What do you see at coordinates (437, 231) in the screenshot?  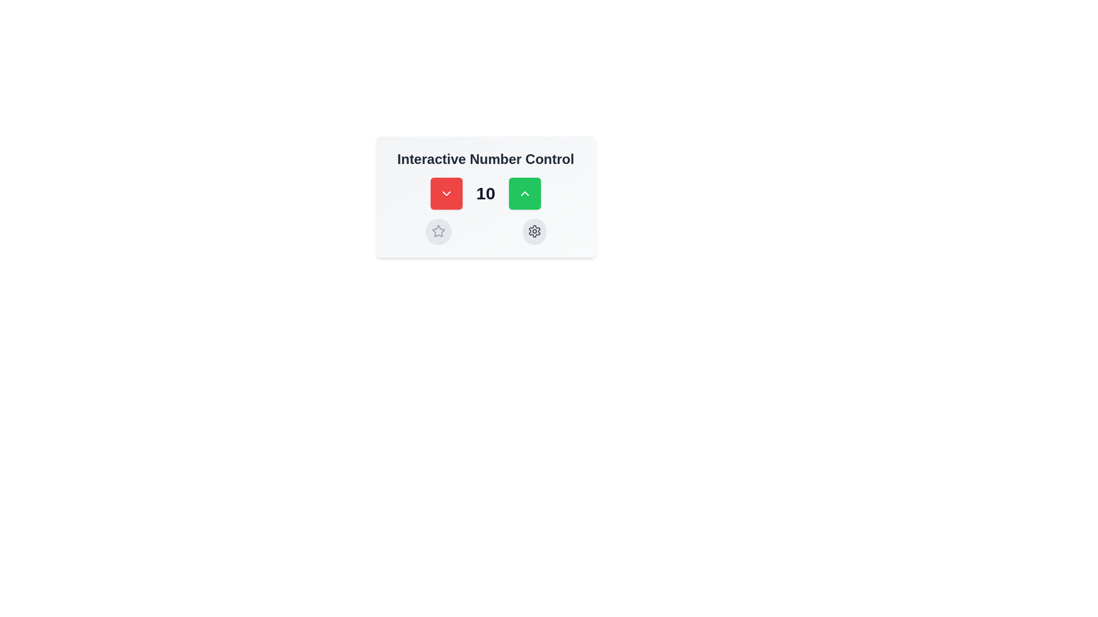 I see `the left-side circular graphical icon located below the number control buttons ('-' and '+') and to the left of the gear-shaped icon` at bounding box center [437, 231].